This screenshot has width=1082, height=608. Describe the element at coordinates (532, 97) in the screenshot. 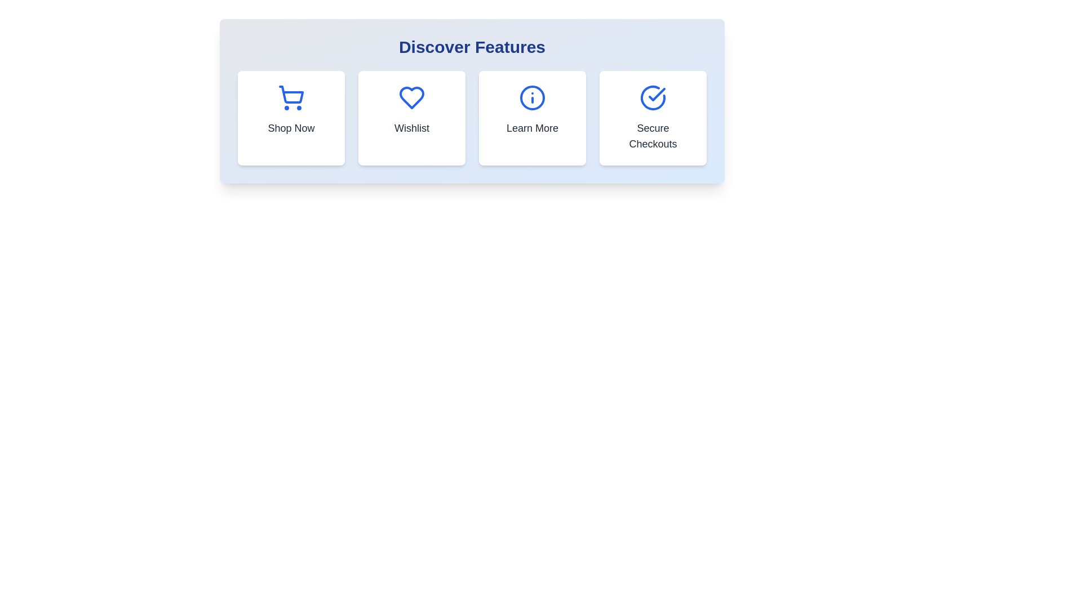

I see `the SVG Circle that represents the info icon of the 'Learn More' button, which is the third button from the left under the 'Discover Features' heading` at that location.